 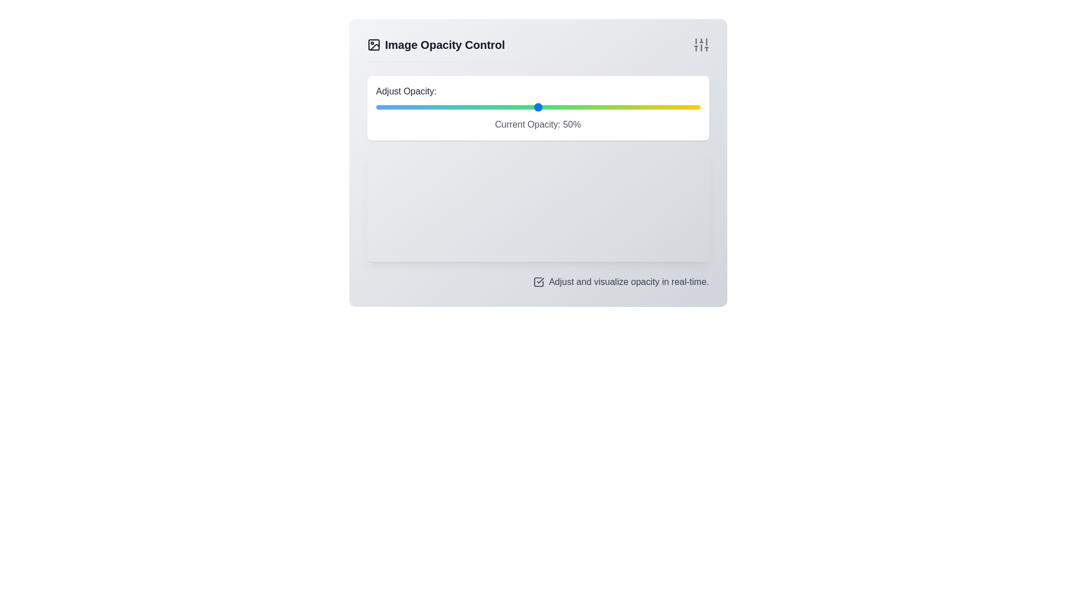 I want to click on the checkbox located near the bottom of the interface, aligned to the left of the descriptive text 'Adjust and visualize opacity in real-time', so click(x=538, y=281).